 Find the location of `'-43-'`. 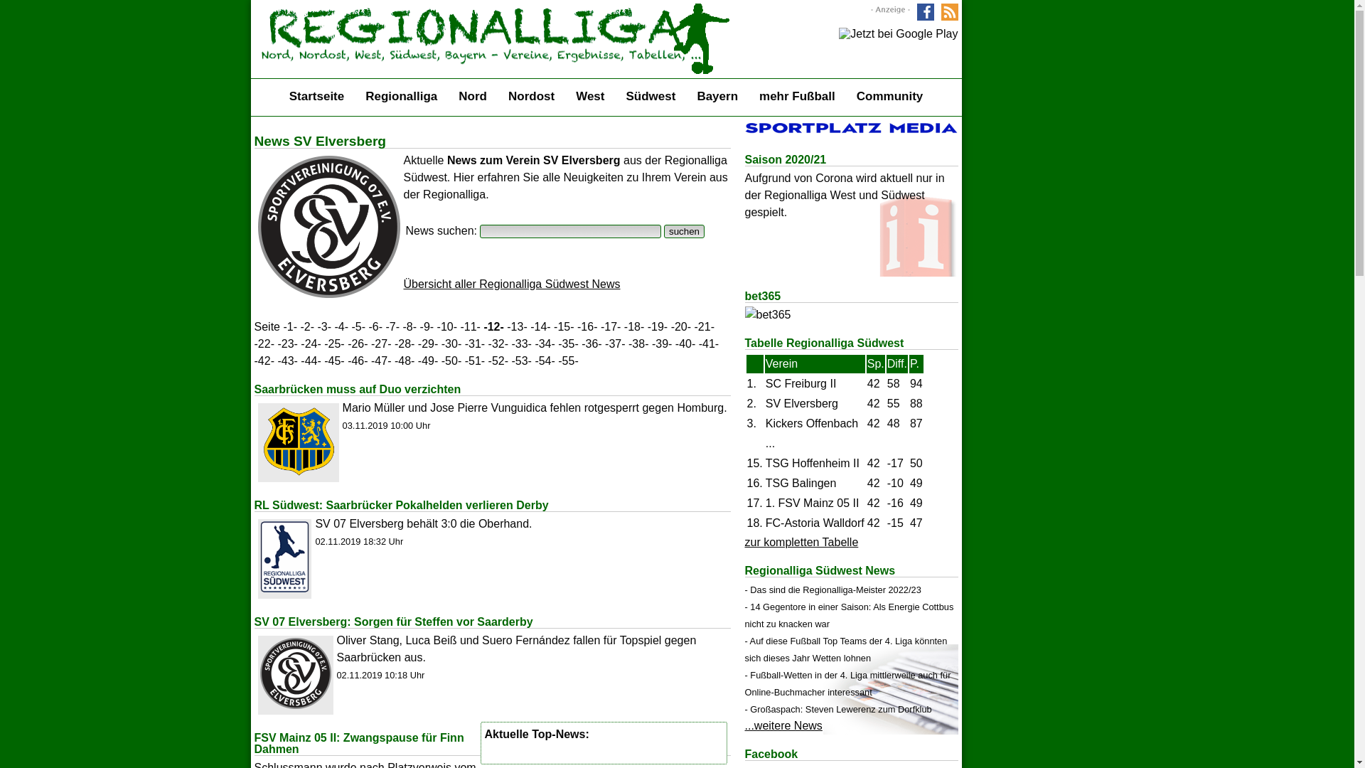

'-43-' is located at coordinates (286, 360).